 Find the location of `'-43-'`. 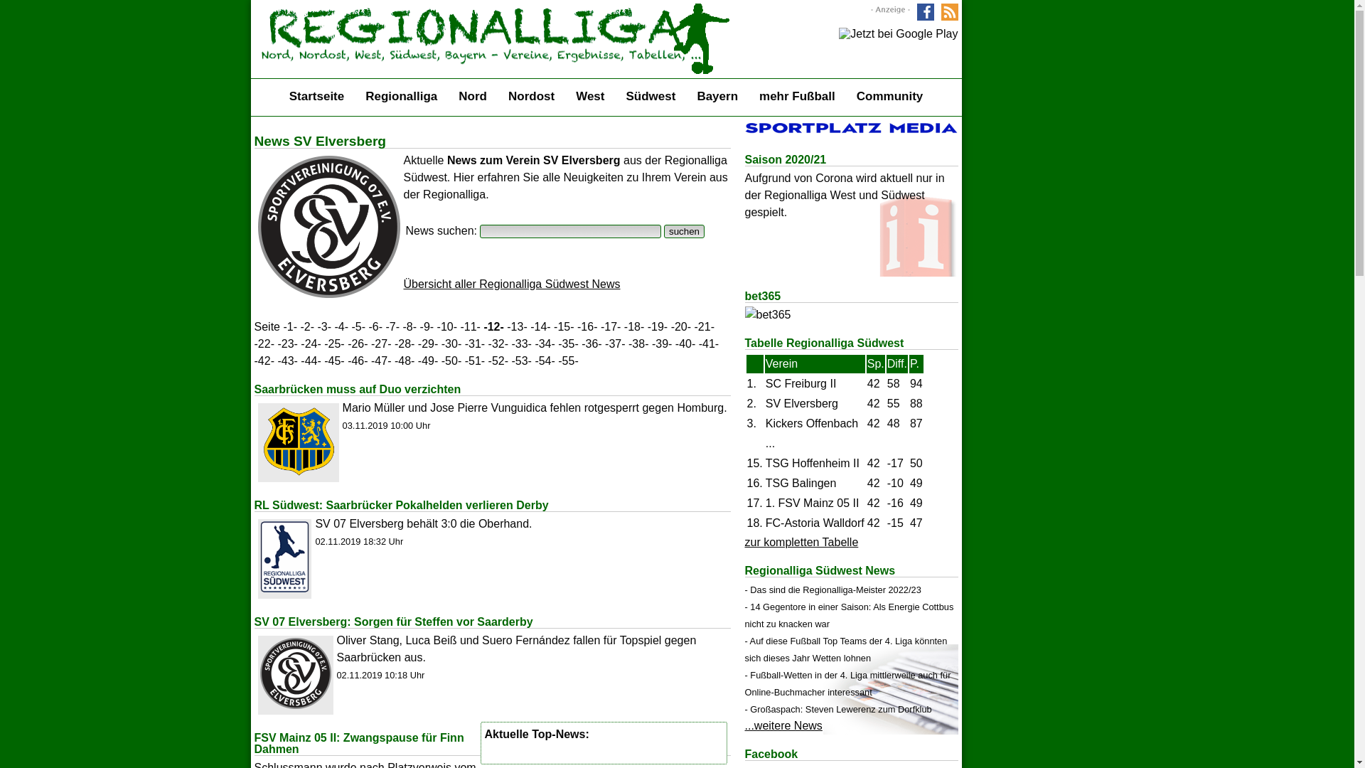

'-43-' is located at coordinates (286, 360).